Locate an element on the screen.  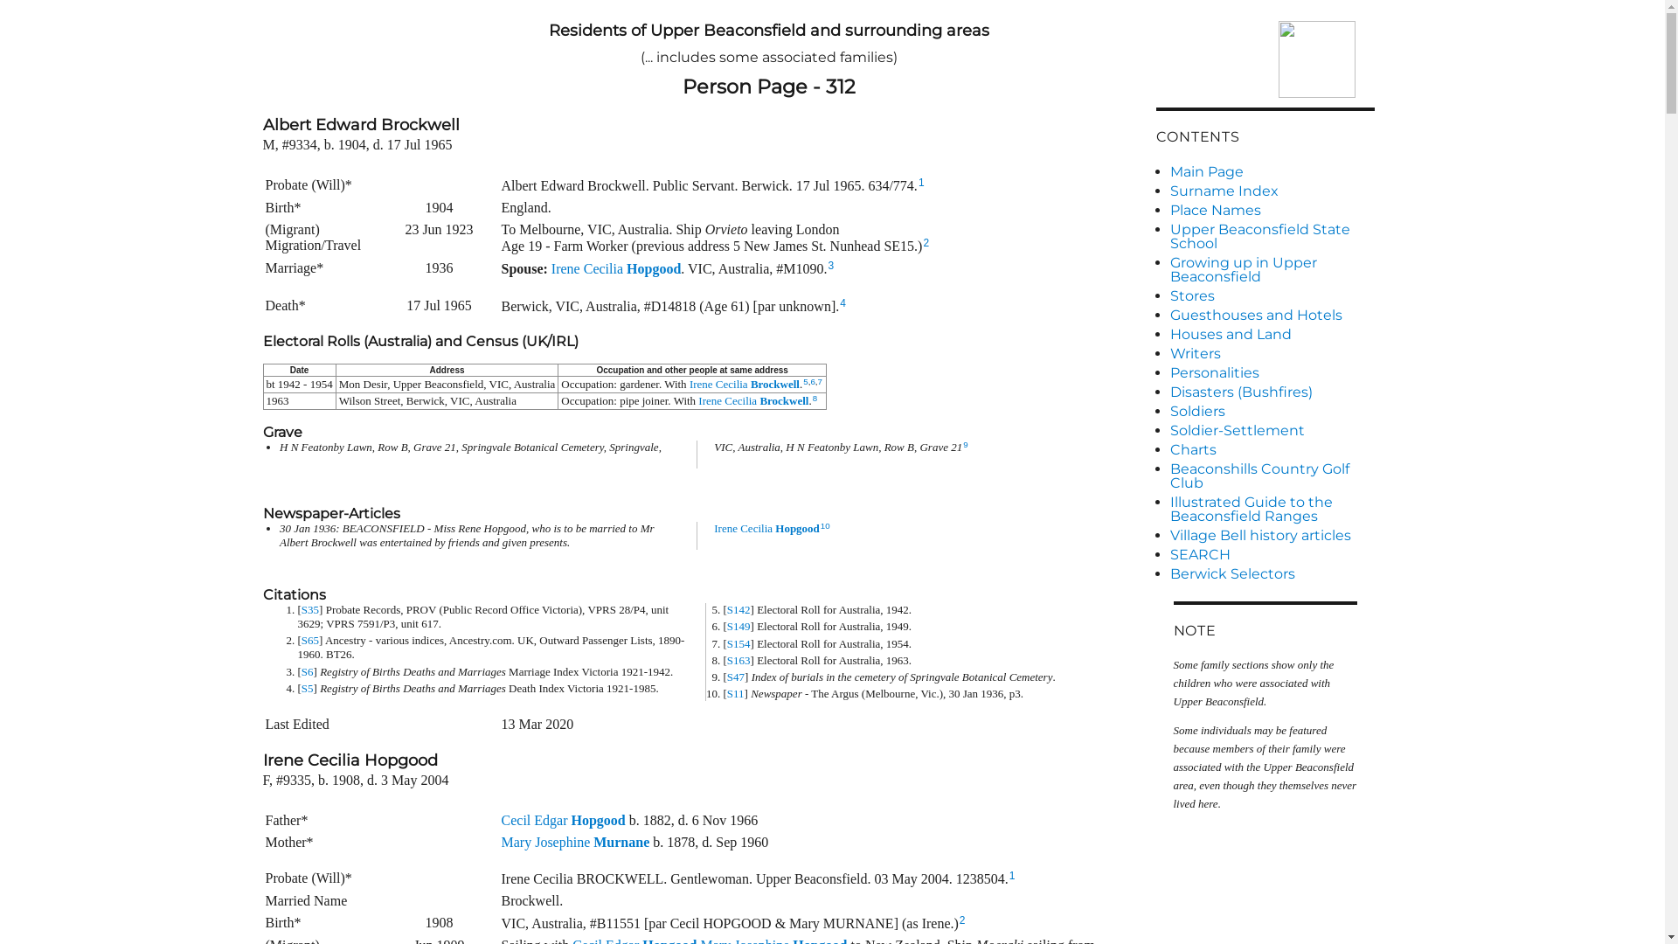
'SEARCH' is located at coordinates (1271, 555).